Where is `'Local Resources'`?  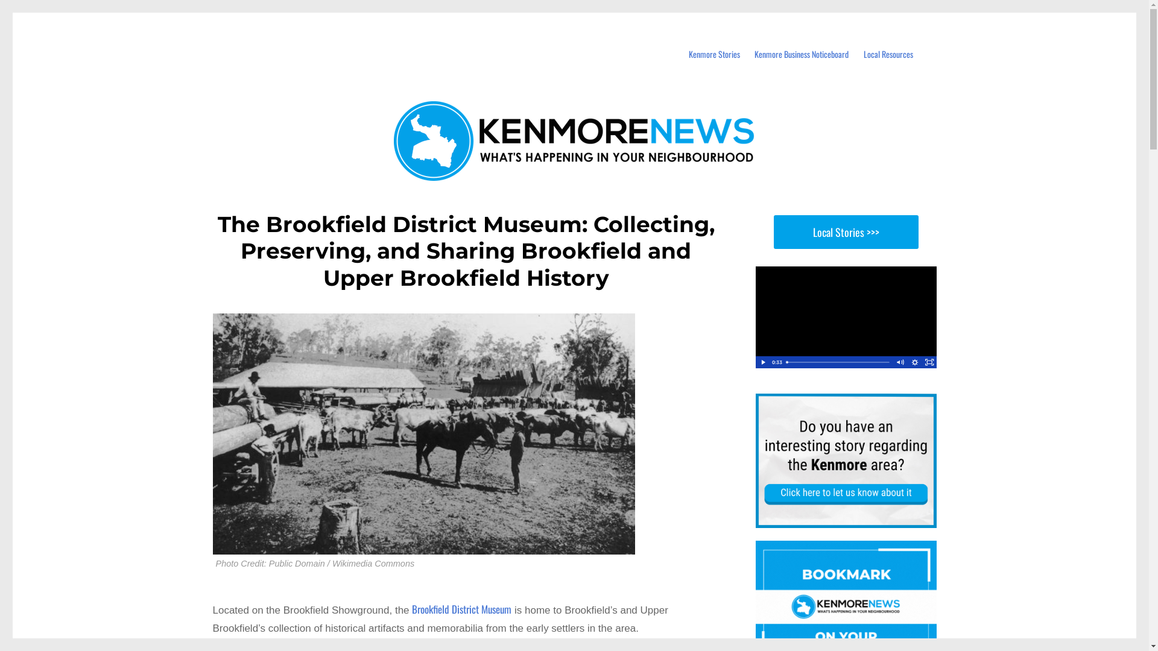
'Local Resources' is located at coordinates (888, 54).